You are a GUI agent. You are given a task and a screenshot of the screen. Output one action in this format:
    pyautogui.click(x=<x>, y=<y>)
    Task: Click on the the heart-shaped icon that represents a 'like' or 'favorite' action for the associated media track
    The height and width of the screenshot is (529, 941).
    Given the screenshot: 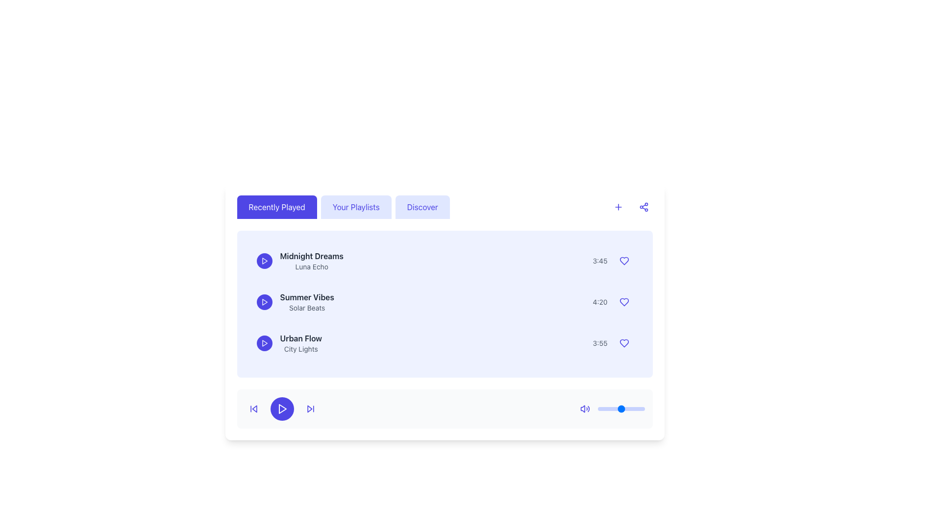 What is the action you would take?
    pyautogui.click(x=623, y=343)
    